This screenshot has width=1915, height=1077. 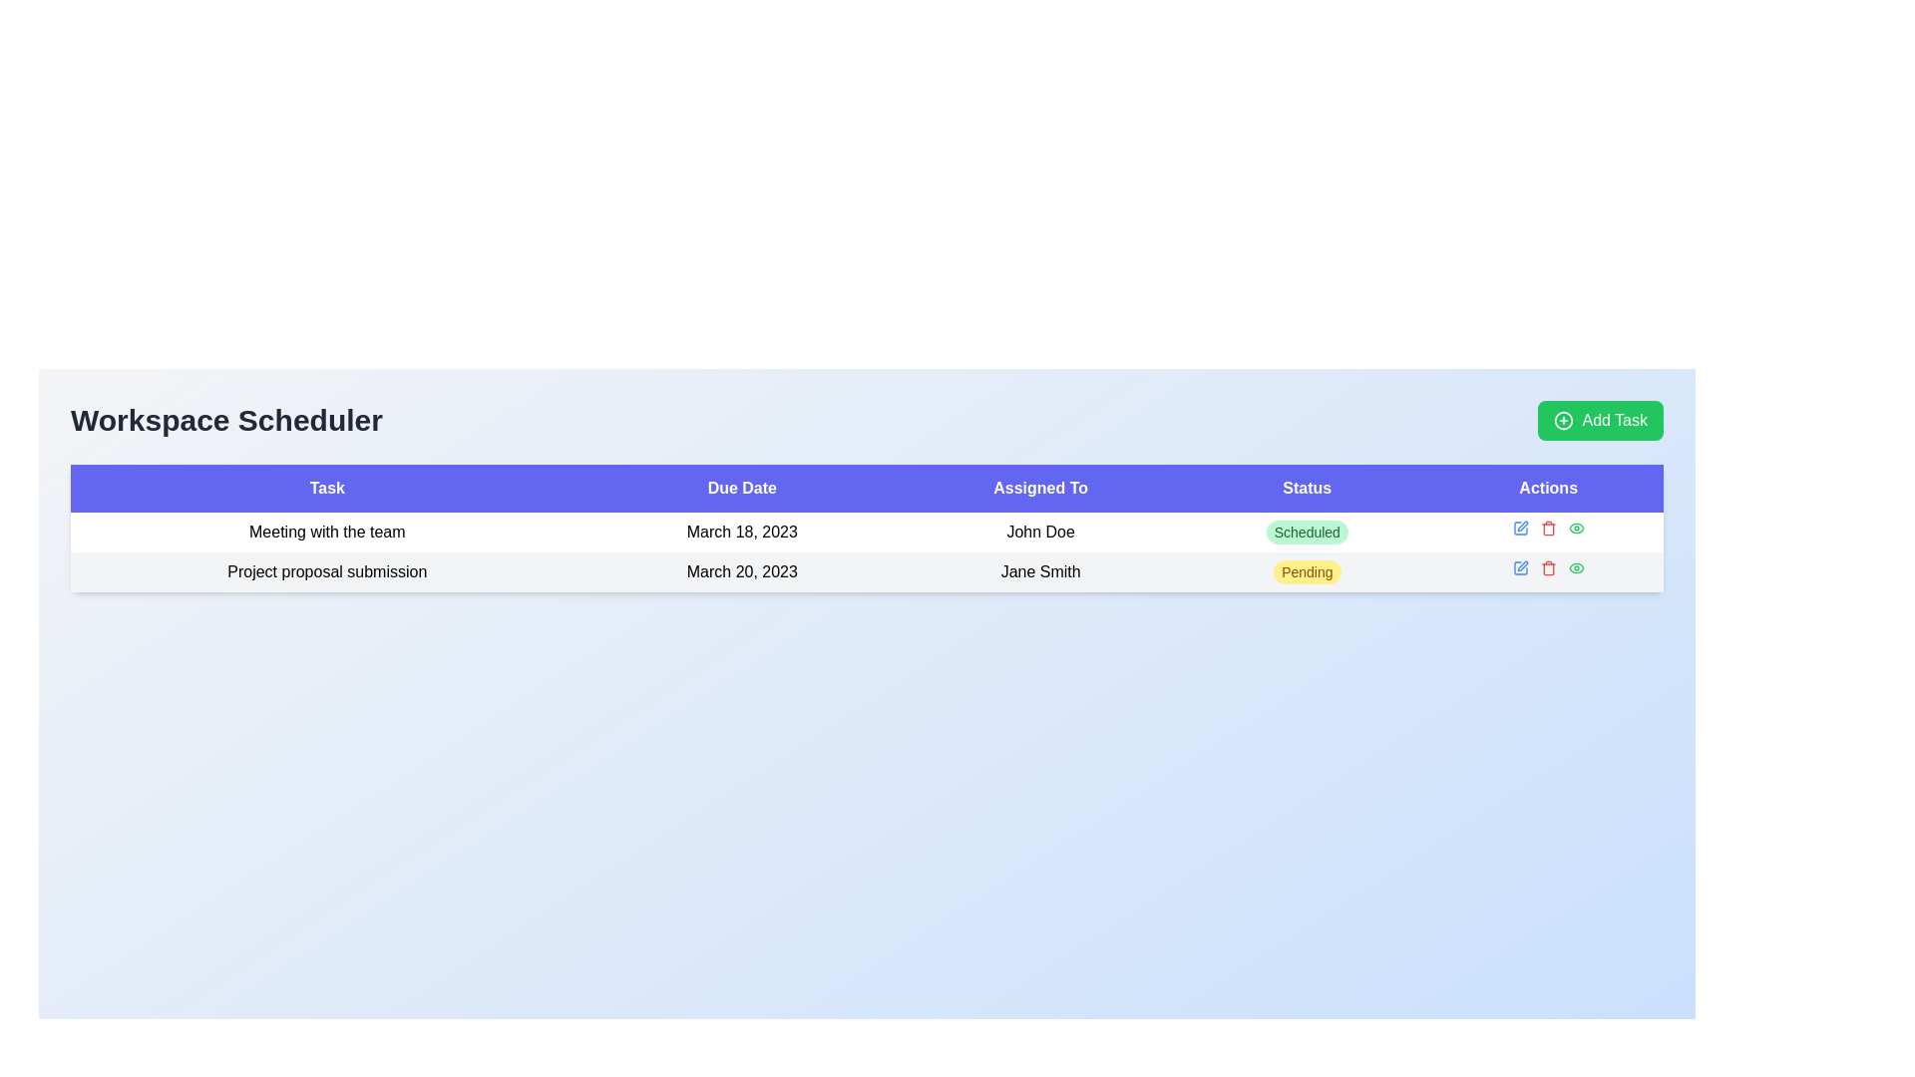 What do you see at coordinates (1519, 568) in the screenshot?
I see `the Interactive icon styled as a button for editing, located in the Actions column of the second row in the Workspace Scheduler table, for keyboard interaction` at bounding box center [1519, 568].